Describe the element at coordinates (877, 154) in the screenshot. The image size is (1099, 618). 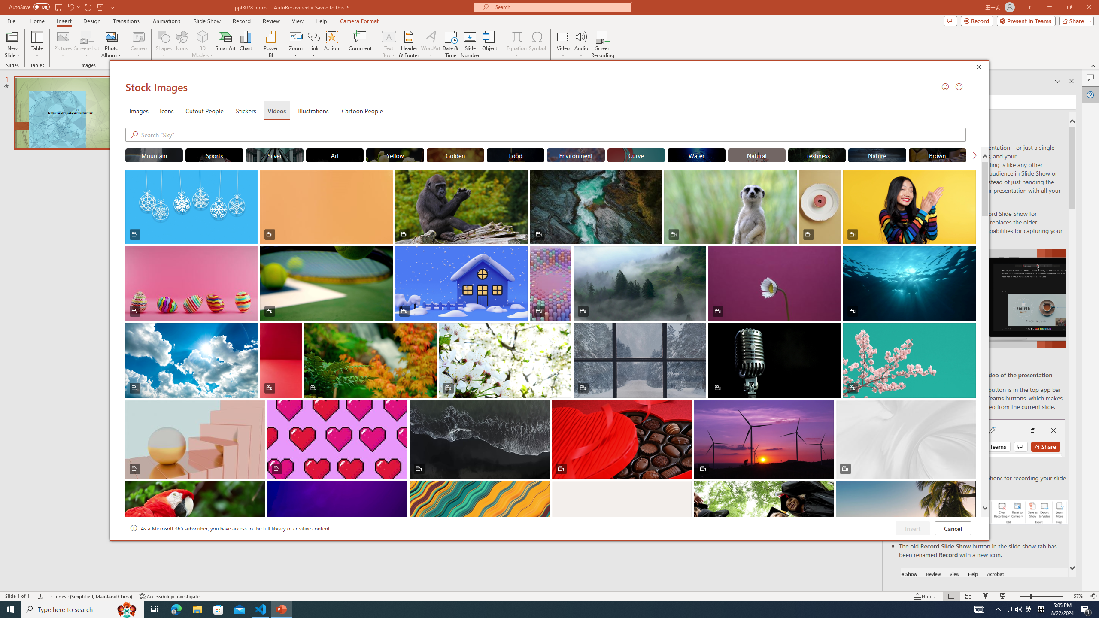
I see `'"Nature" Stock Videos.'` at that location.